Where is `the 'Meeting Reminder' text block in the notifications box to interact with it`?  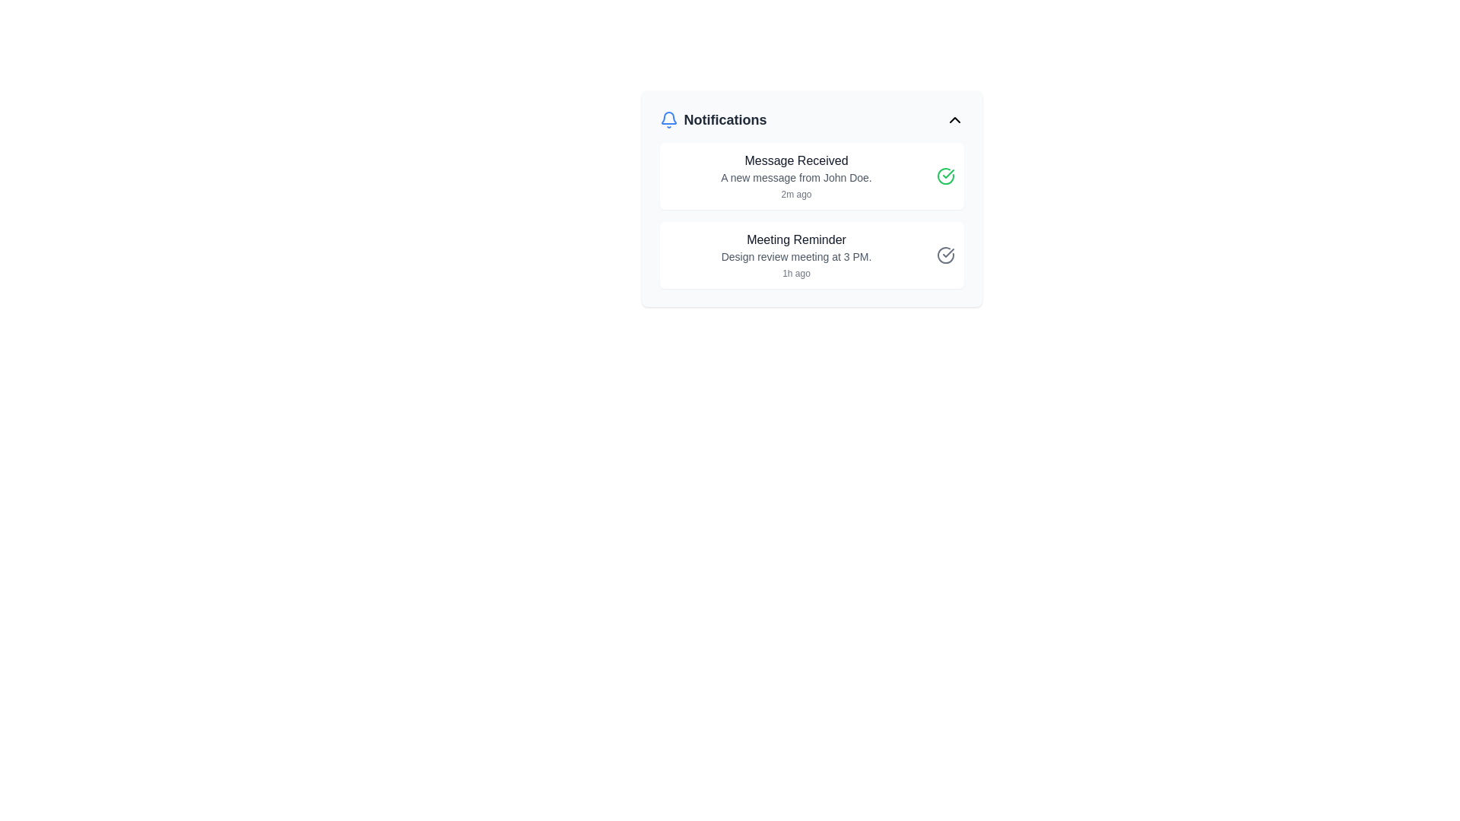
the 'Meeting Reminder' text block in the notifications box to interact with it is located at coordinates (795, 254).